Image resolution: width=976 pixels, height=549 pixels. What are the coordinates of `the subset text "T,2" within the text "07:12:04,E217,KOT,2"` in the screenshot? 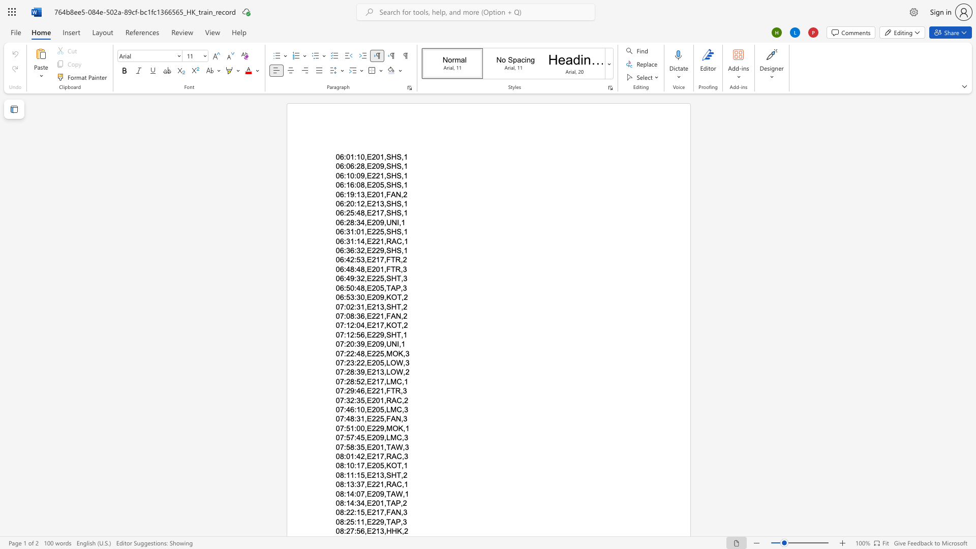 It's located at (396, 325).